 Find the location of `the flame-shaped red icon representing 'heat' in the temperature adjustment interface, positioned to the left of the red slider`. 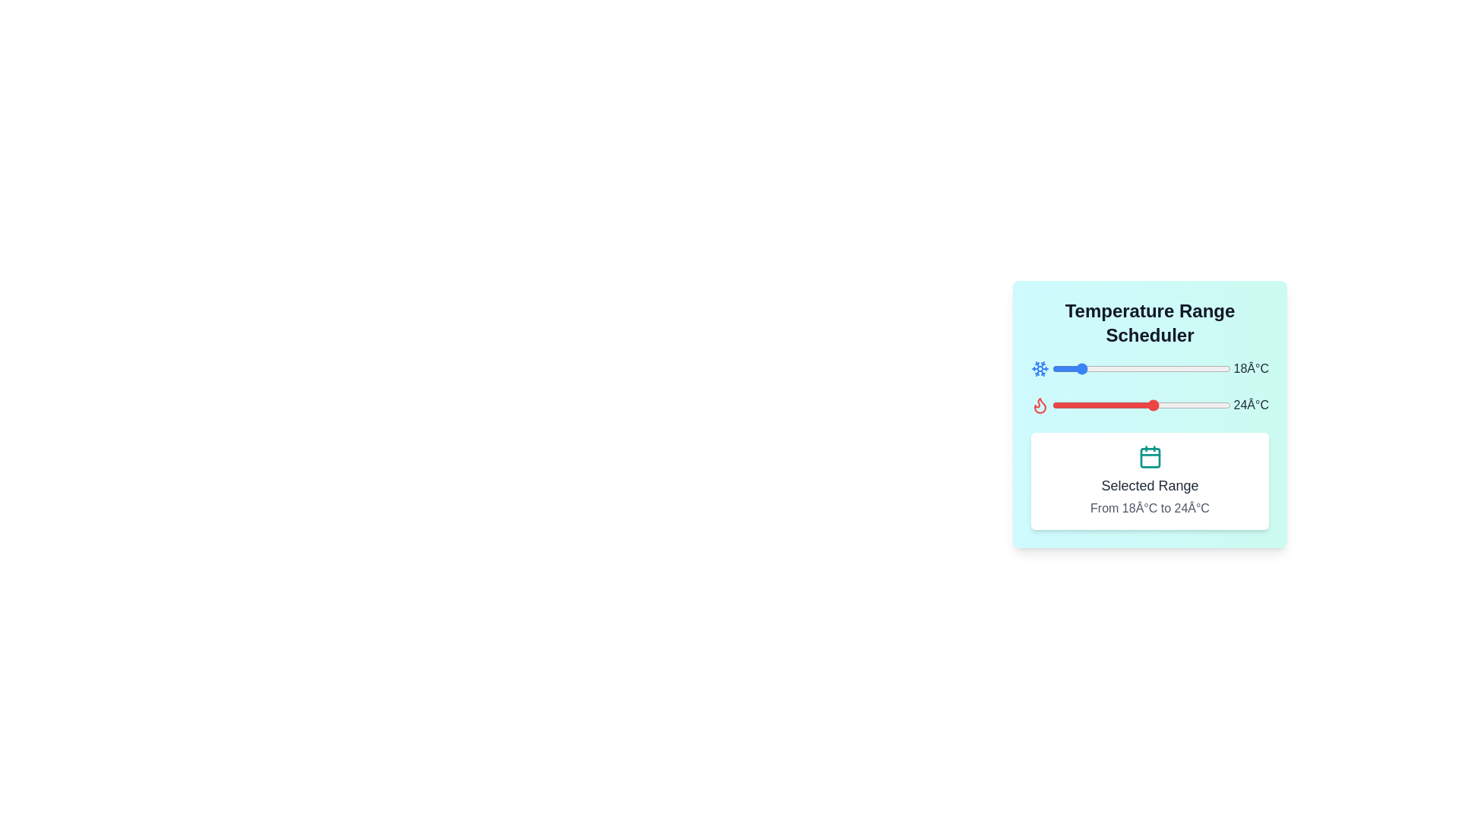

the flame-shaped red icon representing 'heat' in the temperature adjustment interface, positioned to the left of the red slider is located at coordinates (1039, 404).